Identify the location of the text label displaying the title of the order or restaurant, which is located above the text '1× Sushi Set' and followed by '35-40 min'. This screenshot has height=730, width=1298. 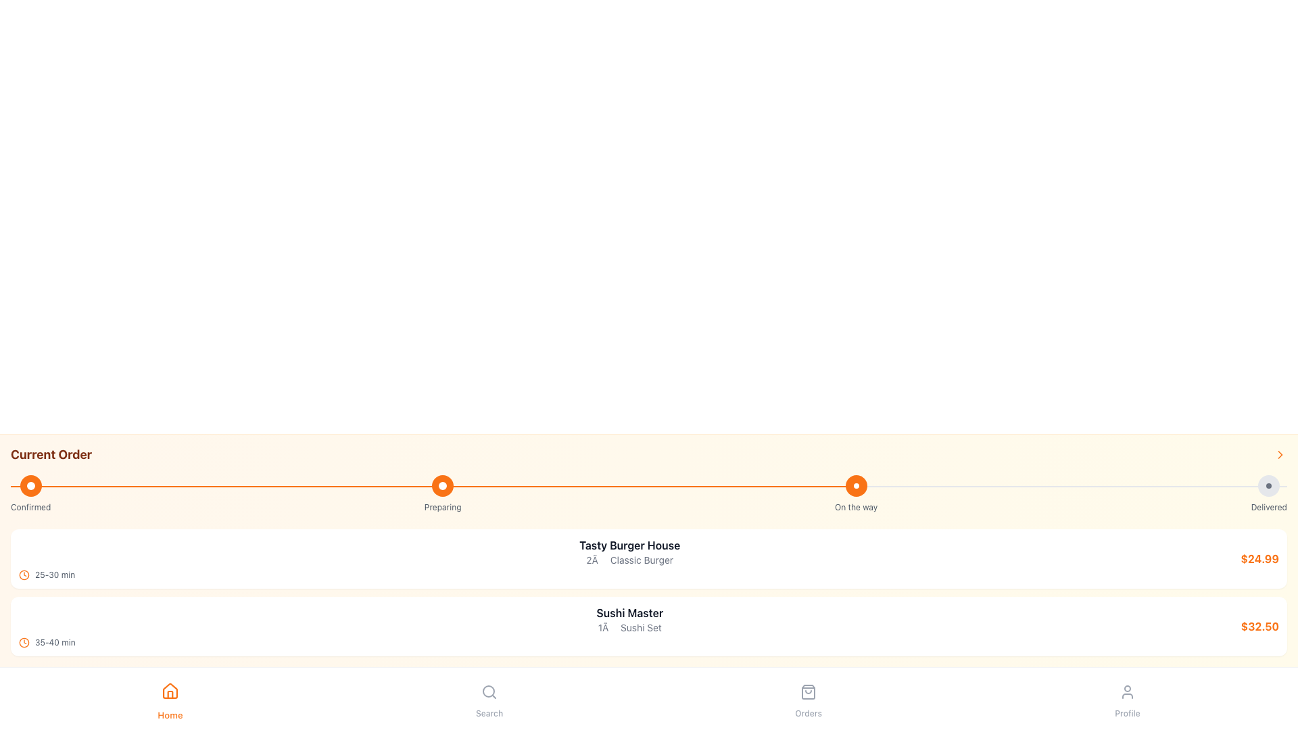
(629, 612).